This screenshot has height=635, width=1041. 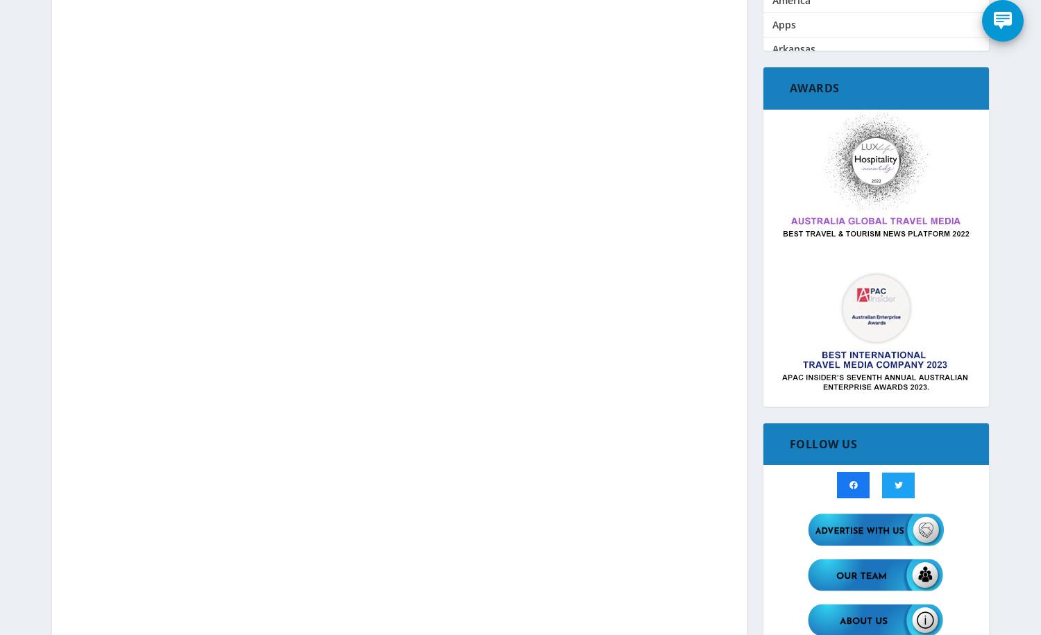 What do you see at coordinates (806, 219) in the screenshot?
I see `'Breaking News'` at bounding box center [806, 219].